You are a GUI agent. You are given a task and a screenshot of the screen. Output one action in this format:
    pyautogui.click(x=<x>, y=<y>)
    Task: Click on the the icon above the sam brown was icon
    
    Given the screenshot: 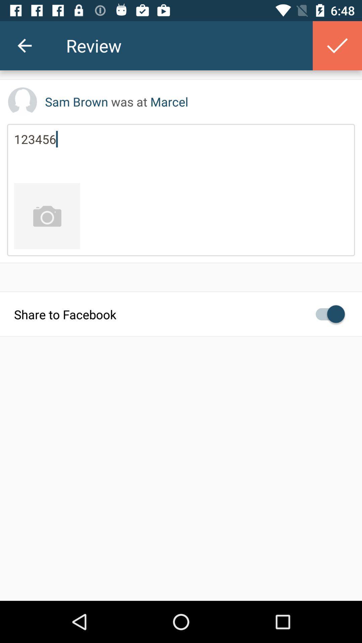 What is the action you would take?
    pyautogui.click(x=337, y=45)
    